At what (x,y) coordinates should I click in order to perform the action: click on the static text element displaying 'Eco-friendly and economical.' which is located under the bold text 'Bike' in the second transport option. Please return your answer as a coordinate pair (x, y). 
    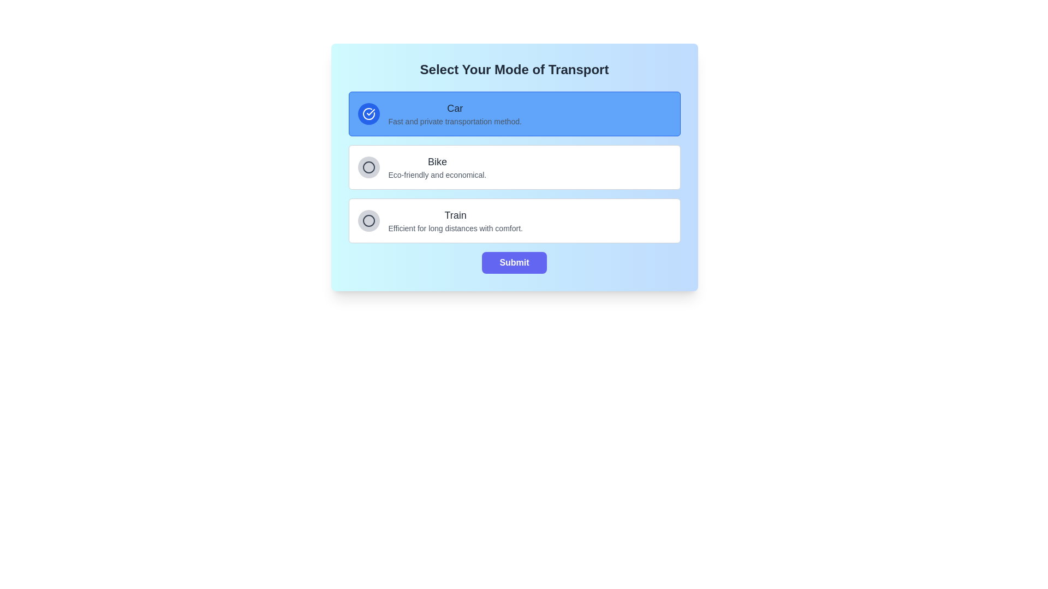
    Looking at the image, I should click on (437, 174).